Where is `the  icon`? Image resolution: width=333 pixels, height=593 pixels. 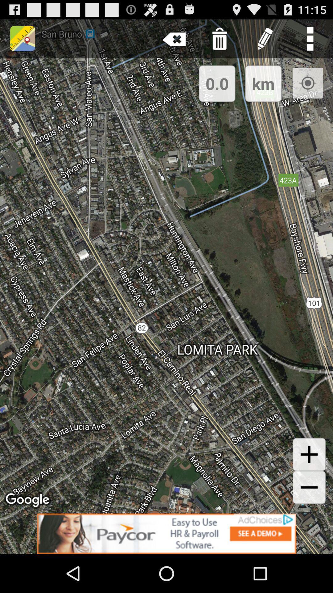 the  icon is located at coordinates (309, 454).